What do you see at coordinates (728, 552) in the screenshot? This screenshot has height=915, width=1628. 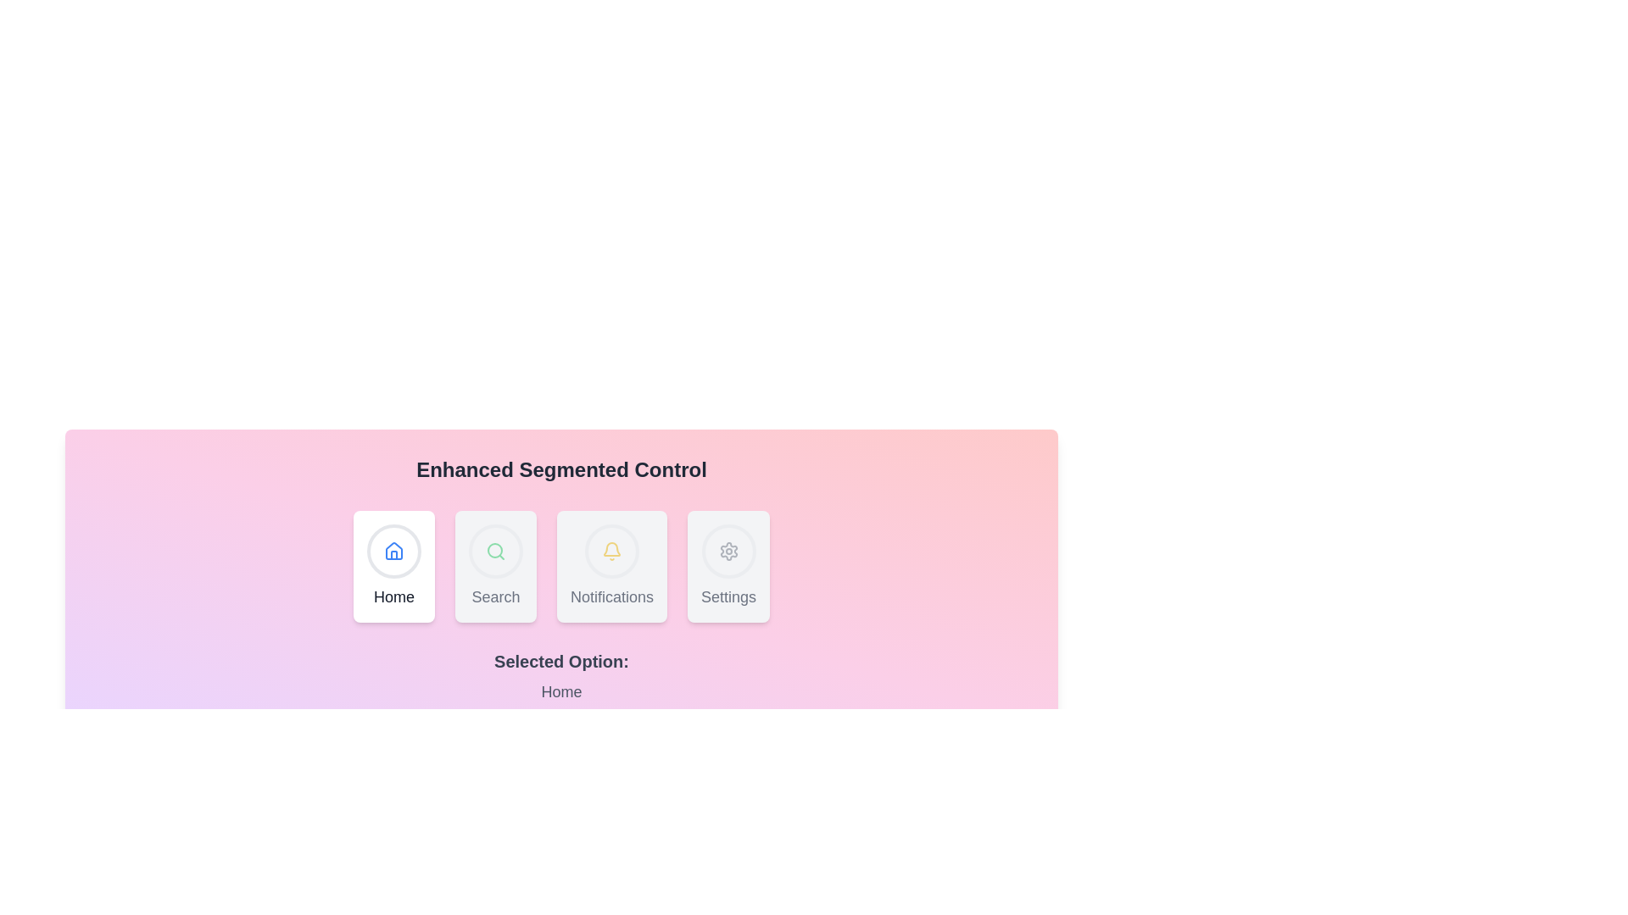 I see `the gear-shaped icon, which is the main content of the last button labeled 'Settings' in the UI control group` at bounding box center [728, 552].